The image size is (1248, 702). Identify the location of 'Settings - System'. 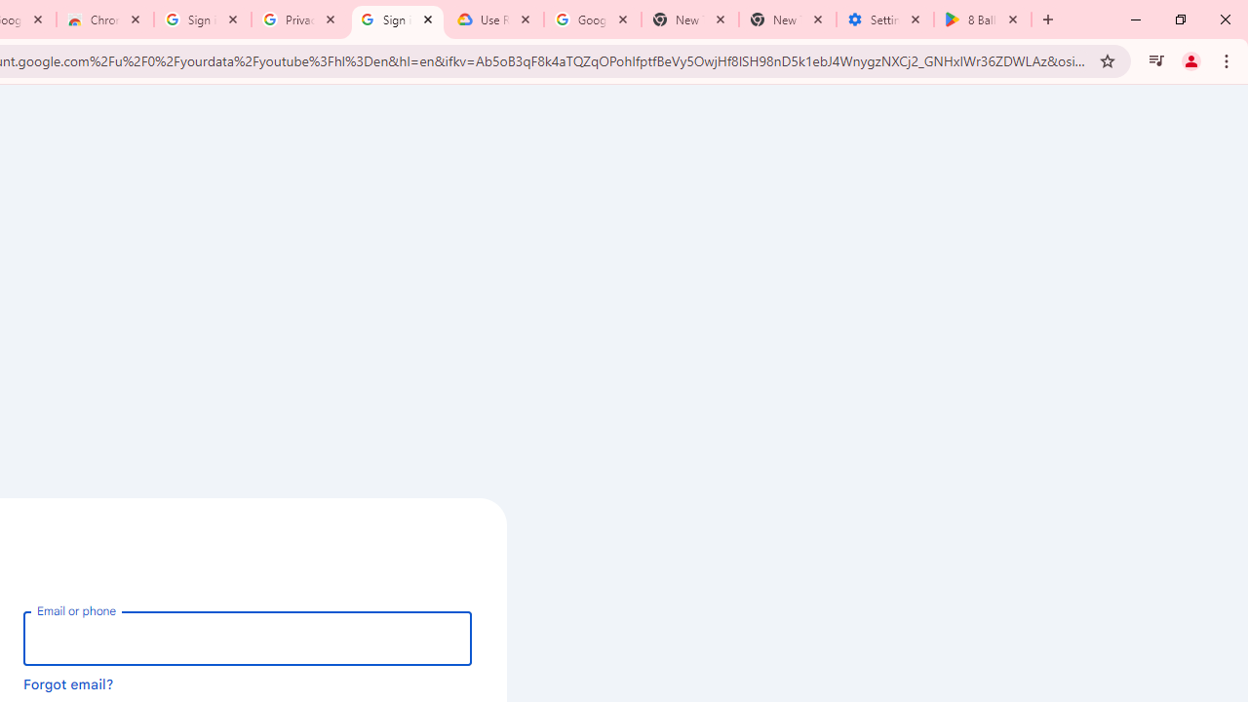
(883, 19).